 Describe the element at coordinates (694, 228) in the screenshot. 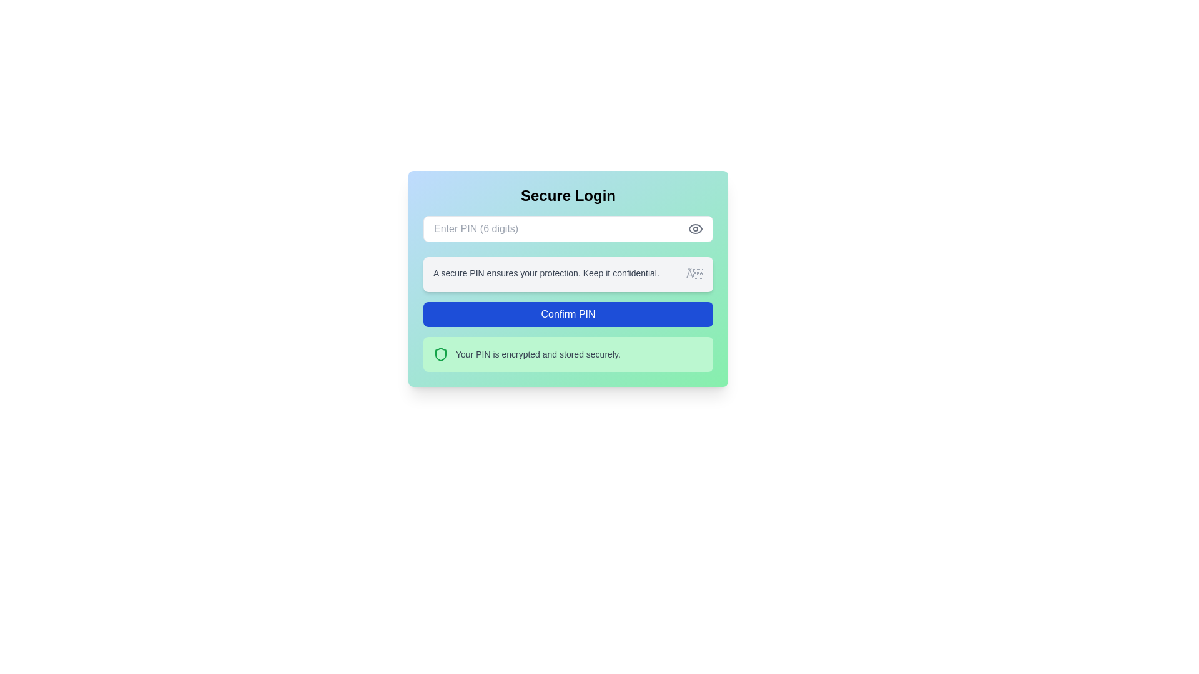

I see `the eye icon located to the right of the PIN input field in the secure login interface` at that location.